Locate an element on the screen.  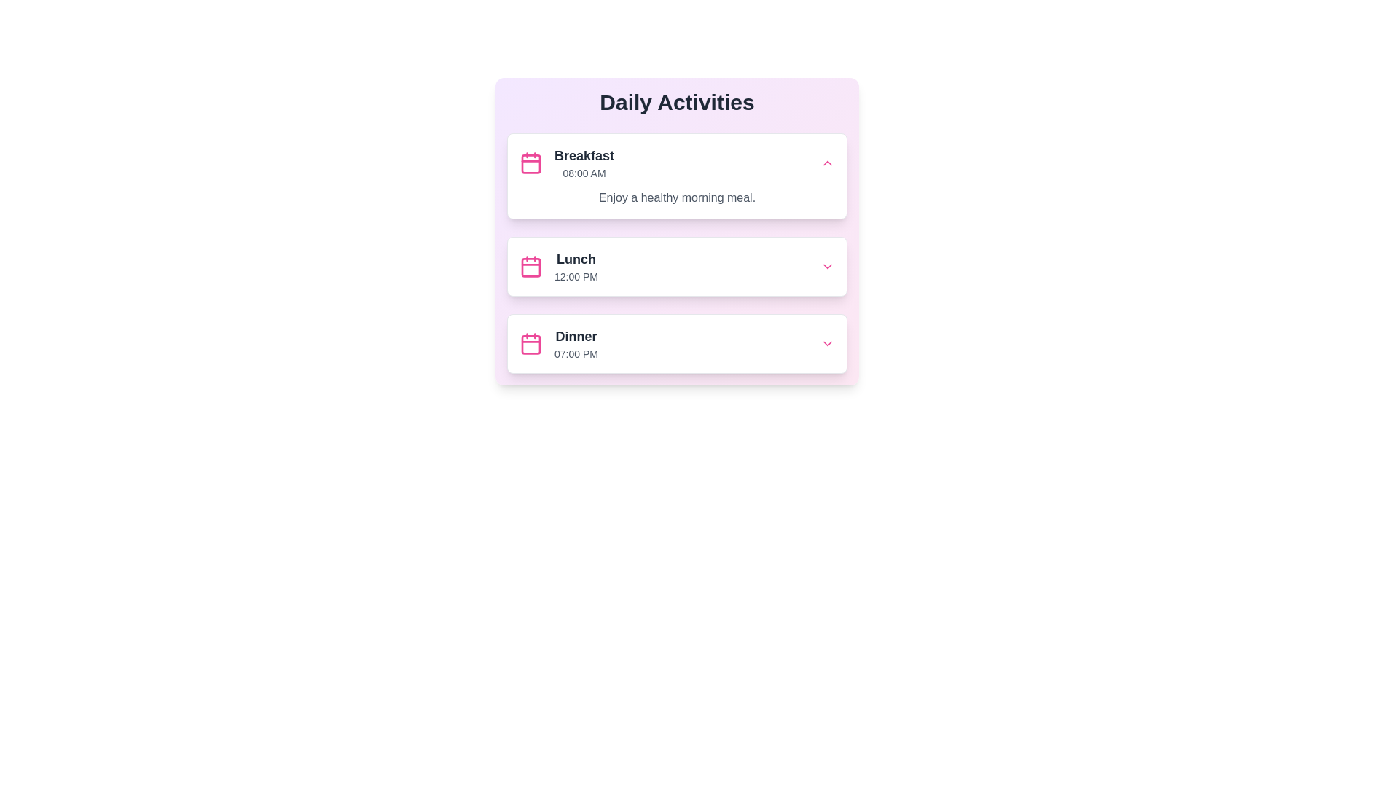
the second list item under the 'Daily Activities' header, which contains a pink calendar icon and the texts 'Lunch' and '12:00 PM' is located at coordinates (558, 267).